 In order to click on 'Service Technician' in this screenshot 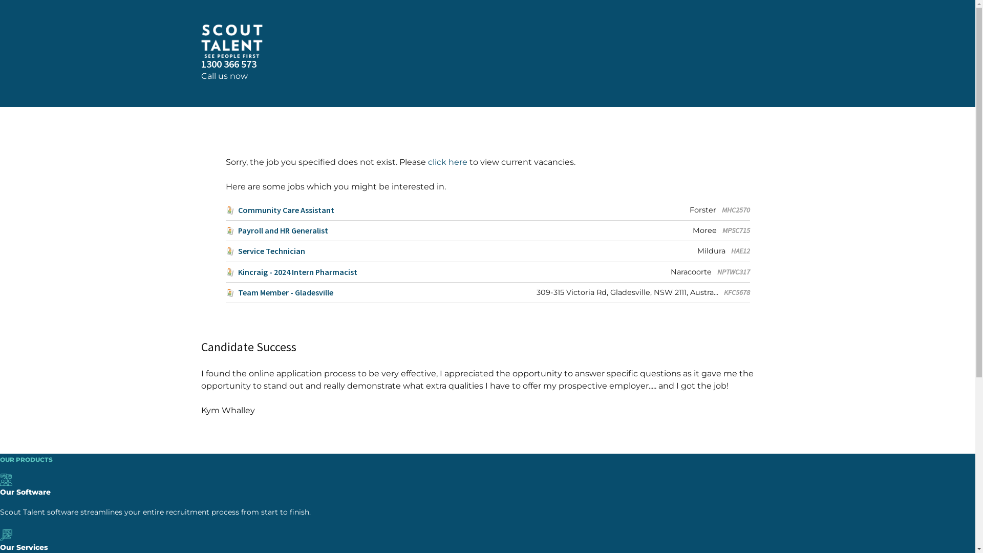, I will do `click(265, 251)`.